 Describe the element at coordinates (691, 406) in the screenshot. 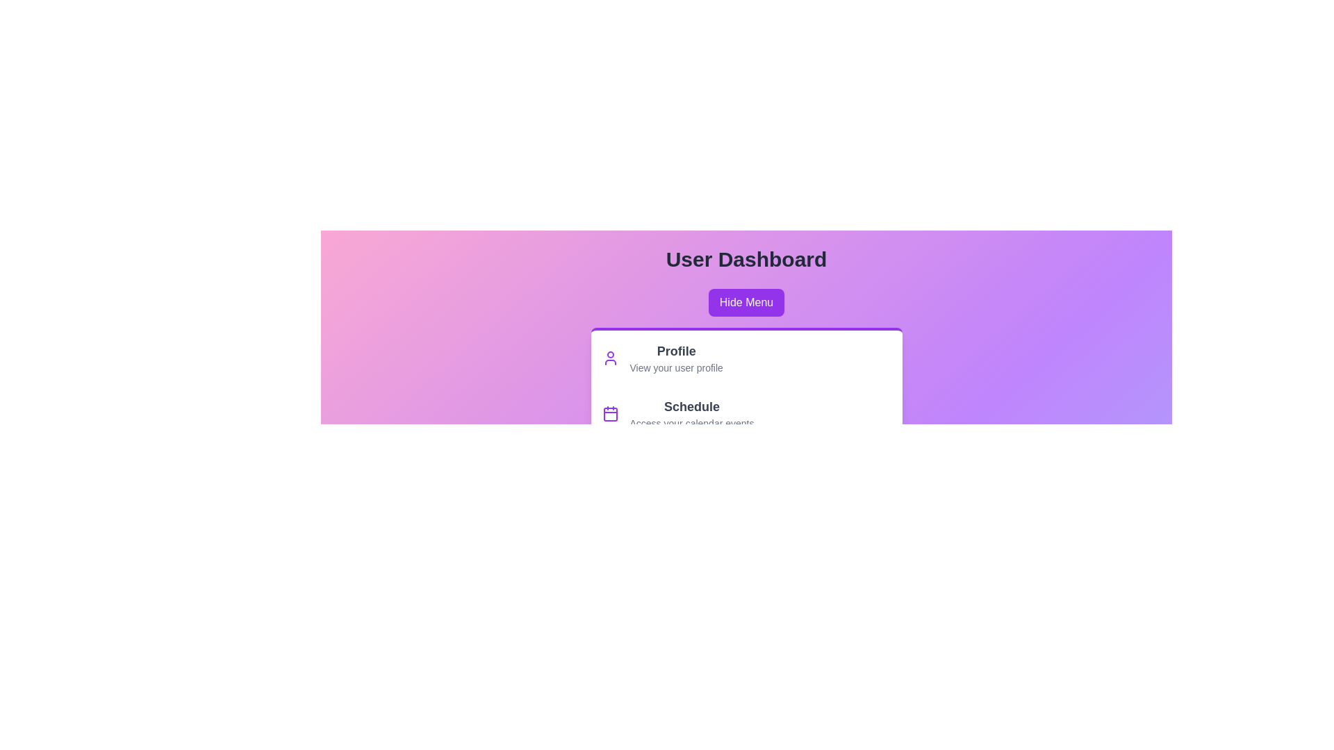

I see `the menu item Schedule from the displayed options` at that location.